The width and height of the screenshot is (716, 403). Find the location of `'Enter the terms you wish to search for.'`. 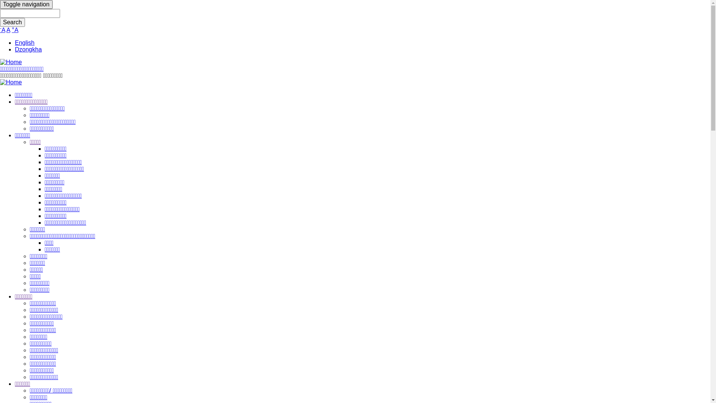

'Enter the terms you wish to search for.' is located at coordinates (30, 13).